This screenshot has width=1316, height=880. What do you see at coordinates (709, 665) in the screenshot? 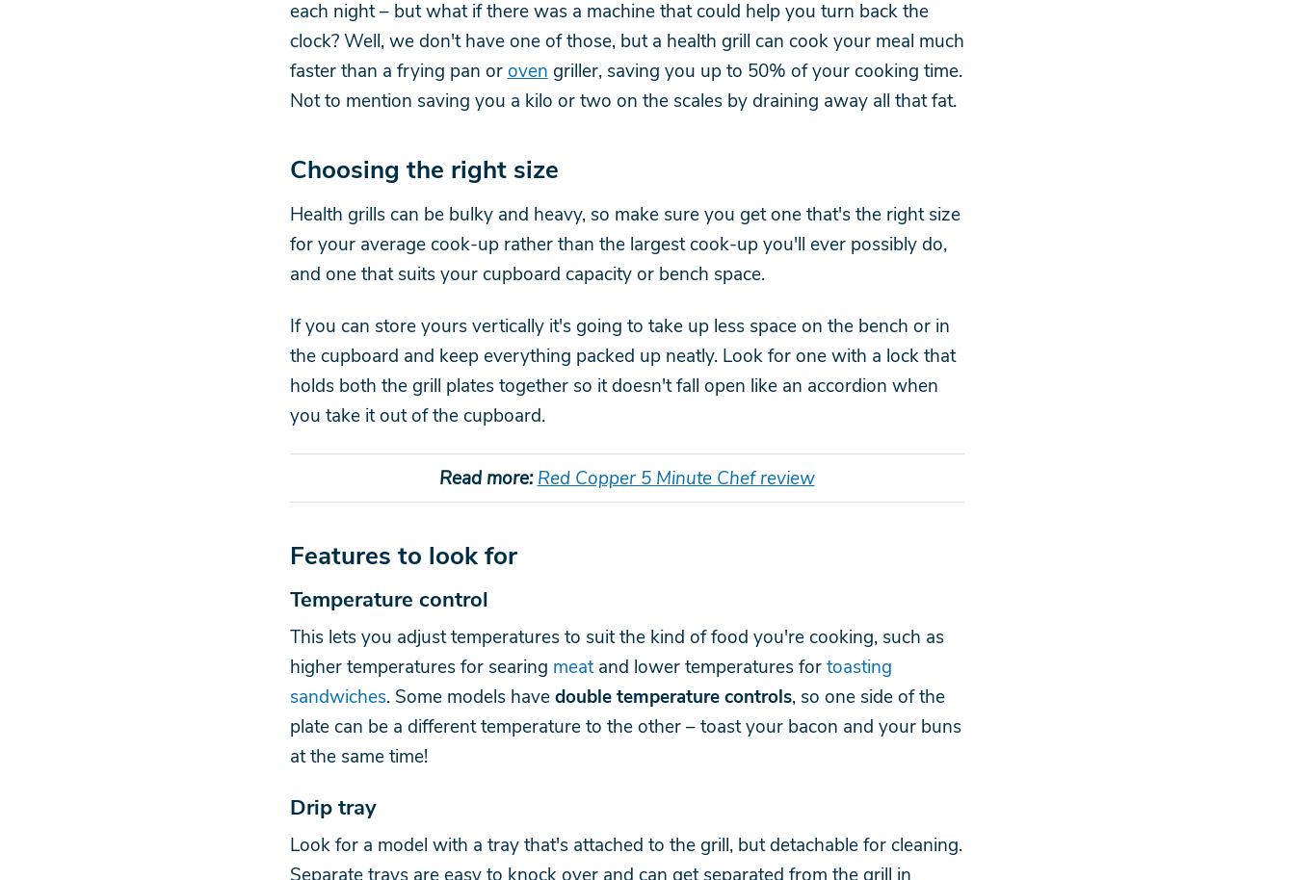
I see `'and lower temperatures for'` at bounding box center [709, 665].